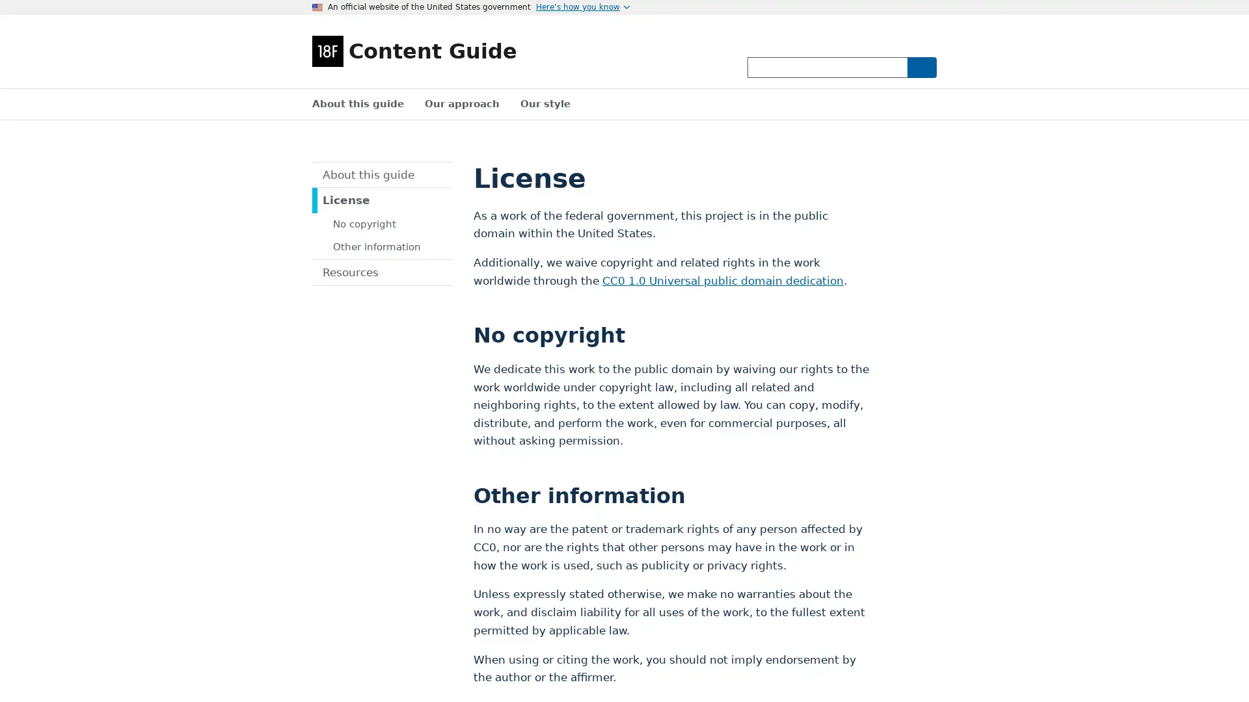 The width and height of the screenshot is (1249, 702). Describe the element at coordinates (582, 7) in the screenshot. I see `Heres how you know` at that location.